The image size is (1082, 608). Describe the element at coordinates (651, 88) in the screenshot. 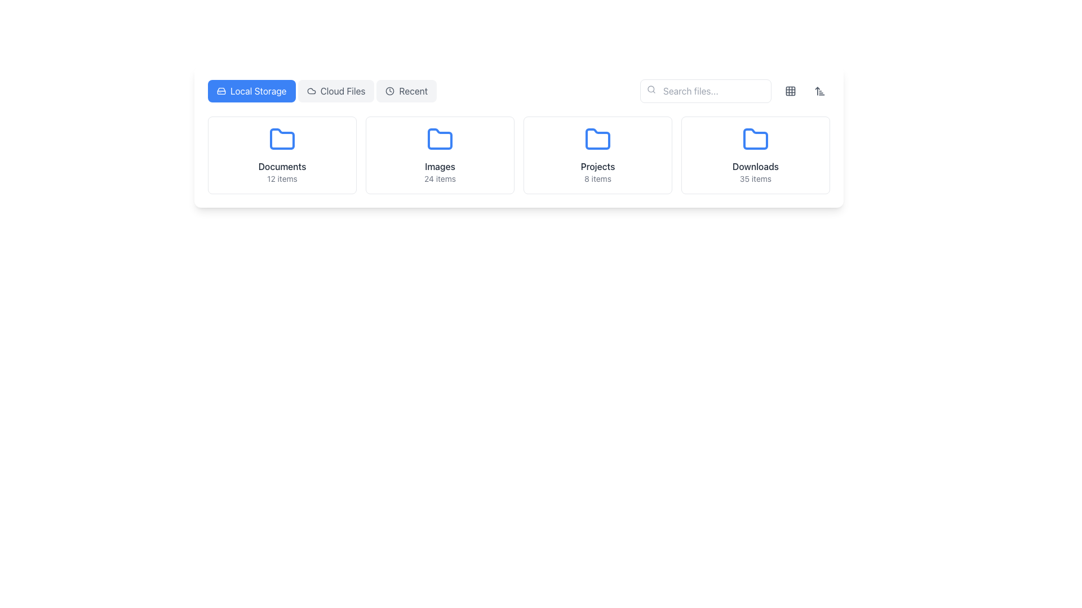

I see `the small magnifying glass icon located to the left of the search input field, which features a circular lens with a handle and is styled with a simple black outline` at that location.